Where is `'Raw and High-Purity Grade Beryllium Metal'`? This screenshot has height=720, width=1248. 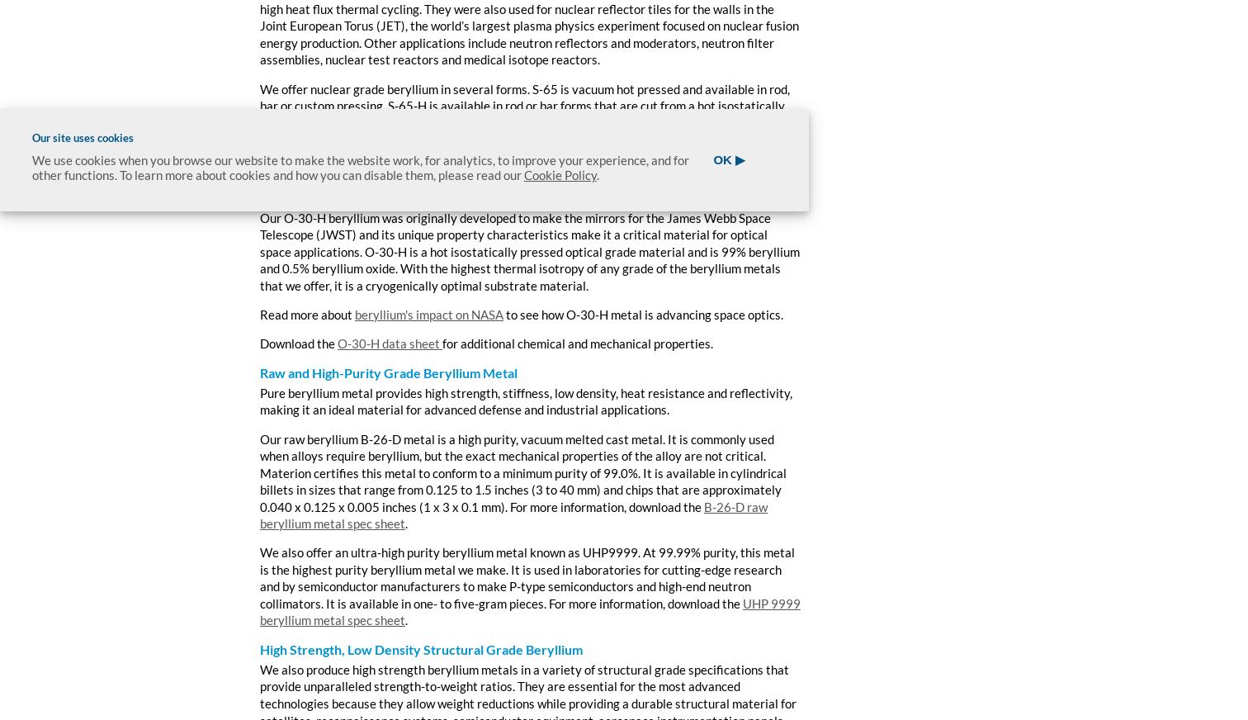
'Raw and High-Purity Grade Beryllium Metal' is located at coordinates (388, 371).